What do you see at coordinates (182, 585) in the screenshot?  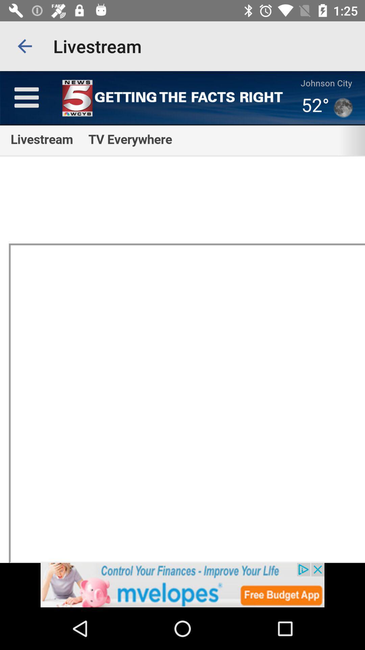 I see `advertisement website` at bounding box center [182, 585].